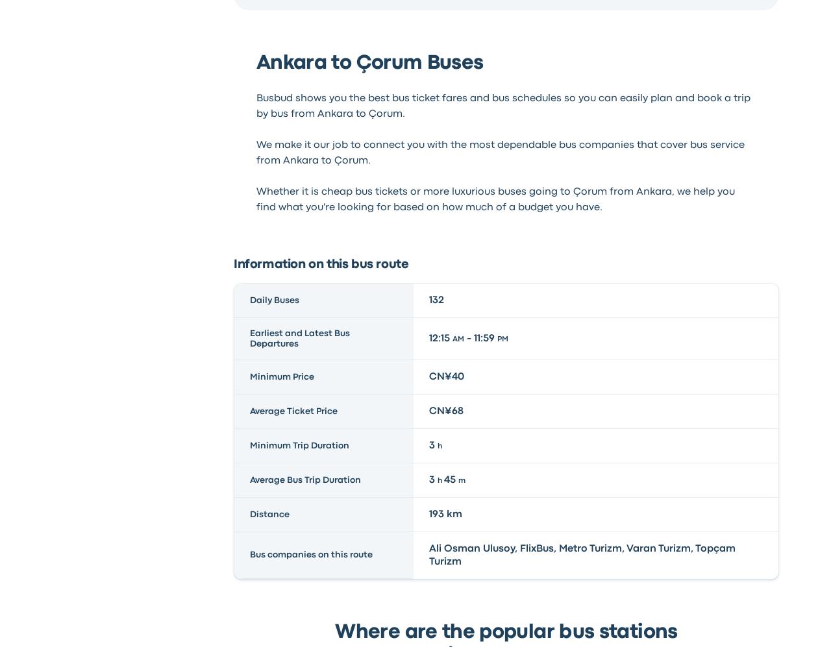 The image size is (831, 647). What do you see at coordinates (255, 63) in the screenshot?
I see `'Ankara to Çorum Buses'` at bounding box center [255, 63].